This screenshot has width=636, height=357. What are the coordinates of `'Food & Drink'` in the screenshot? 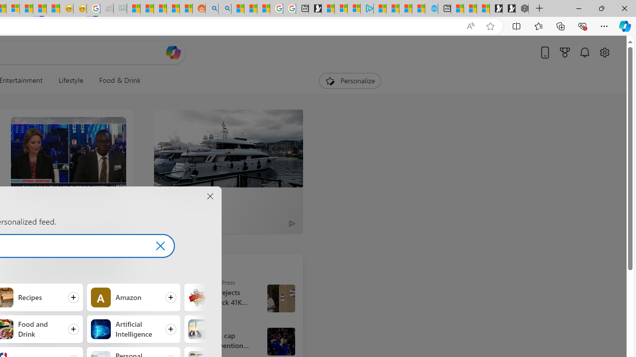 It's located at (115, 80).